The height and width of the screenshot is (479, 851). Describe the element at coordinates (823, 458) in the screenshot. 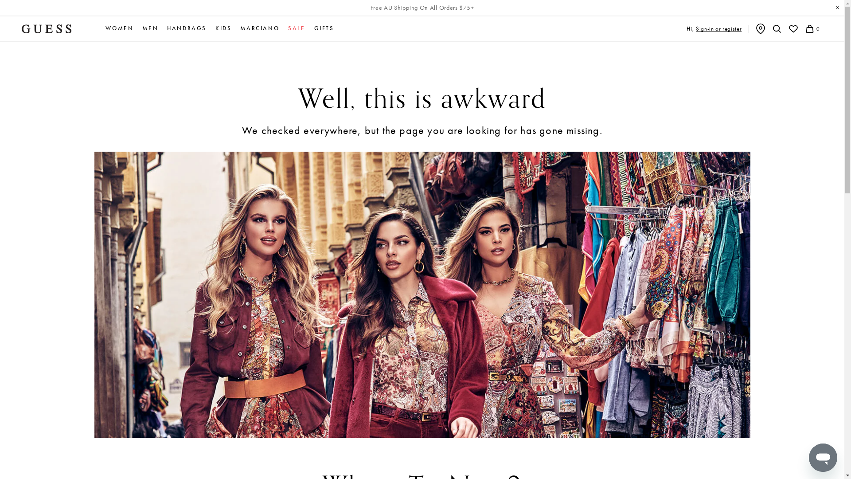

I see `'Button to launch messaging window'` at that location.